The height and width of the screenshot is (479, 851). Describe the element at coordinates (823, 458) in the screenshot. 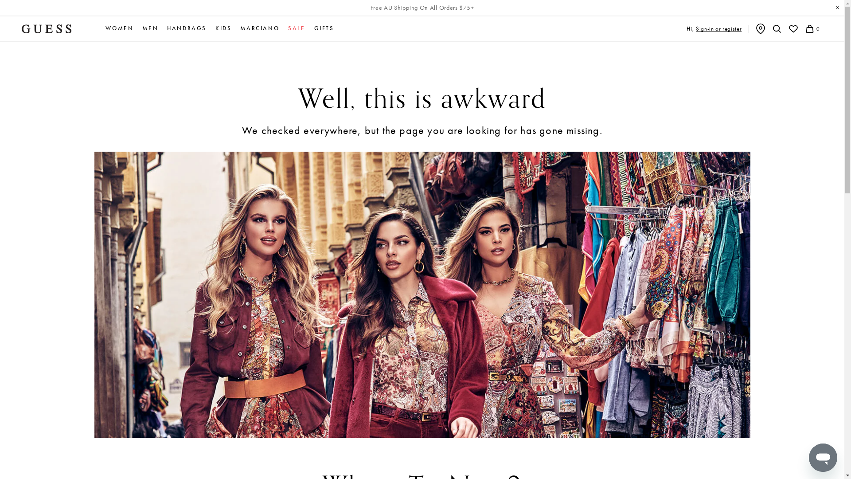

I see `'Button to launch messaging window'` at that location.